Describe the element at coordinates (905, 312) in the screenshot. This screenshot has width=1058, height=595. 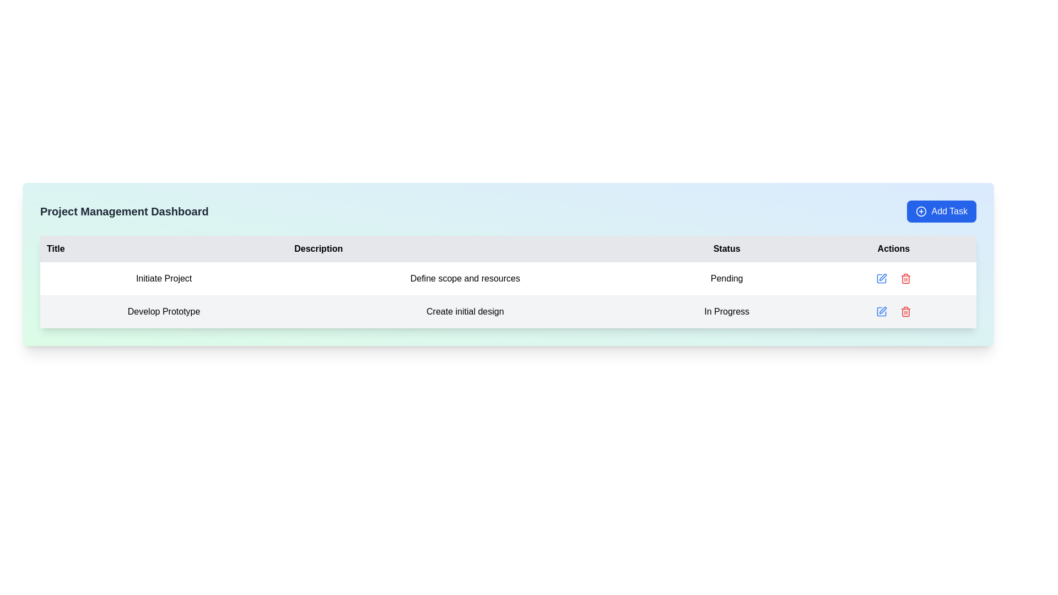
I see `the trash can icon button located in the 'Actions' column for the 'In Progress' task row to initiate task deletion` at that location.